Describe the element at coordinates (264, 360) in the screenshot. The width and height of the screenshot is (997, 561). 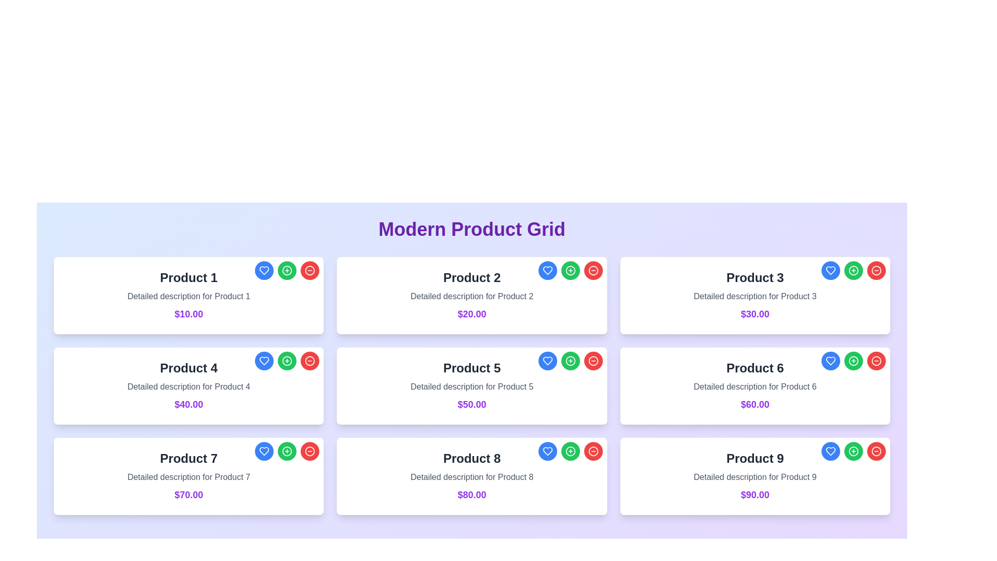
I see `the heart-shaped like icon with a blue outline located at the top-right corner of the card labeled 'Product 7'` at that location.